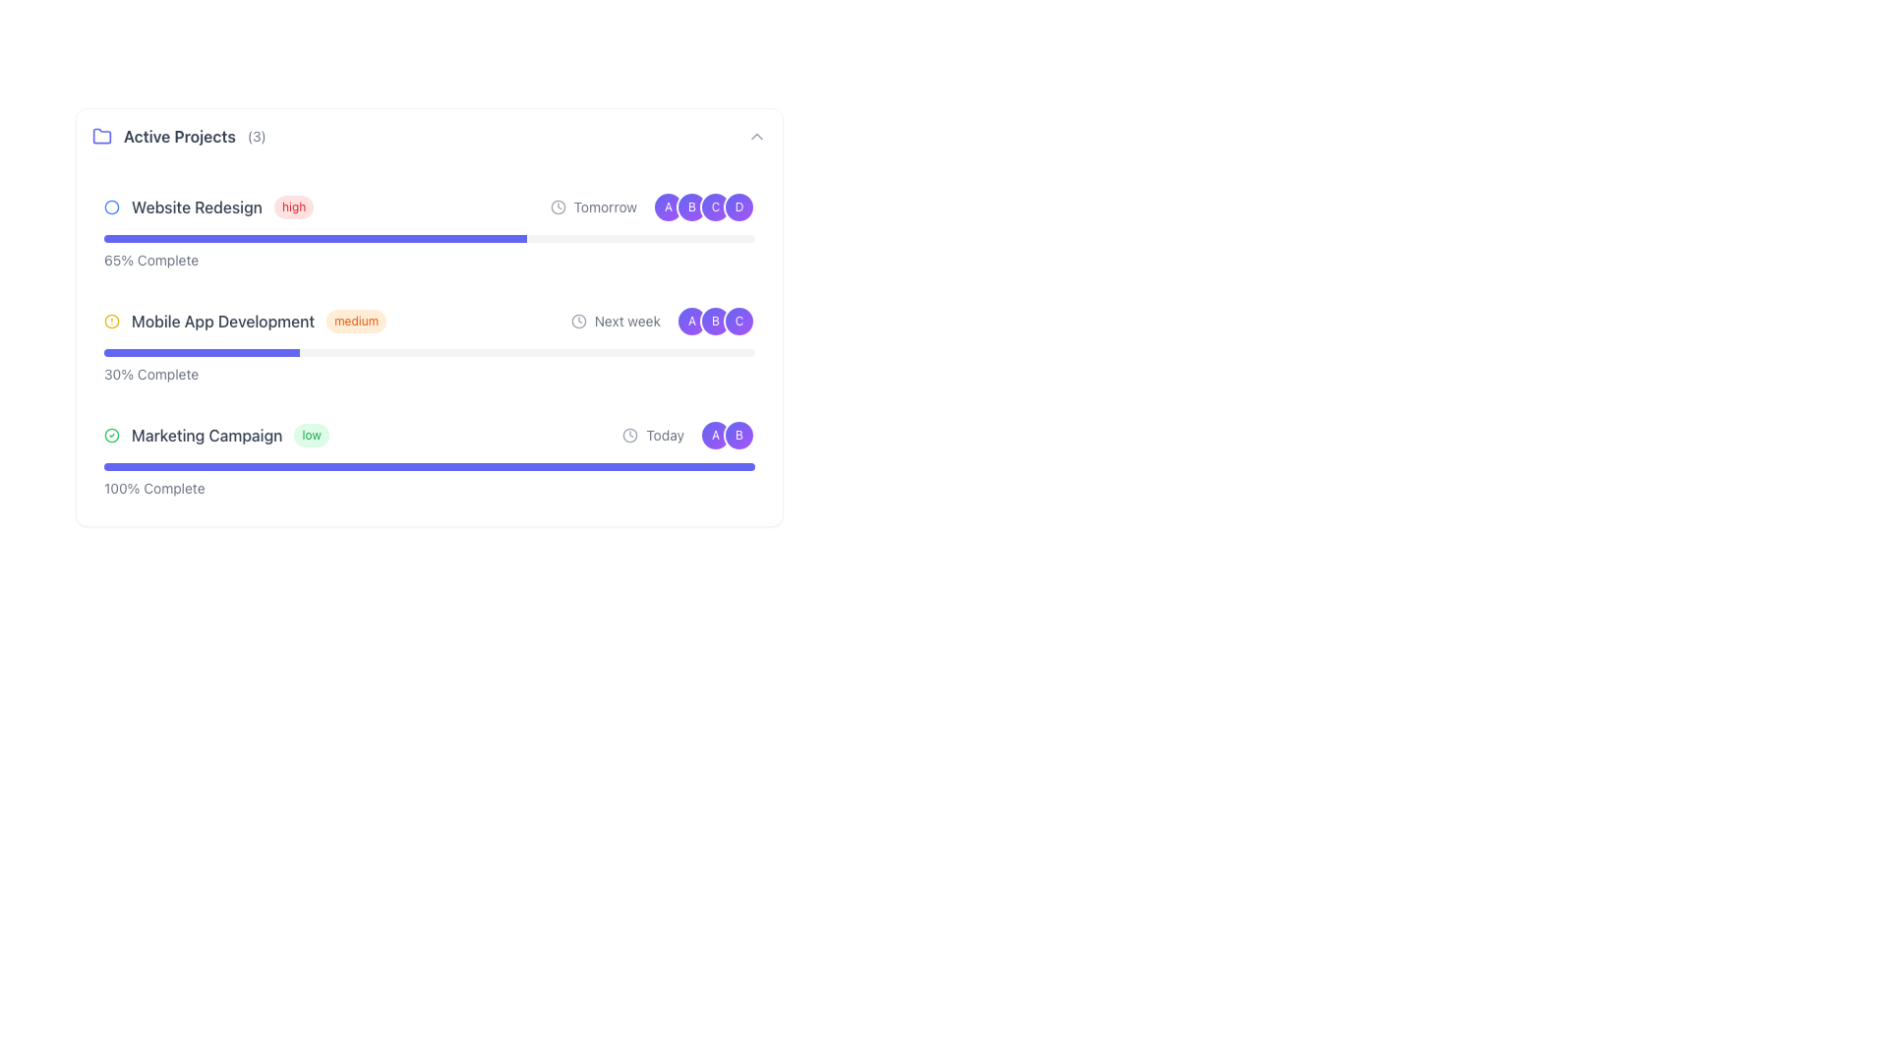  What do you see at coordinates (738, 207) in the screenshot?
I see `the Circular Badge labeled 'D' in the 'Website Redesign' project, which is the last badge in a horizontal sequence of badges labeled 'A', 'B', 'C', and 'D'` at bounding box center [738, 207].